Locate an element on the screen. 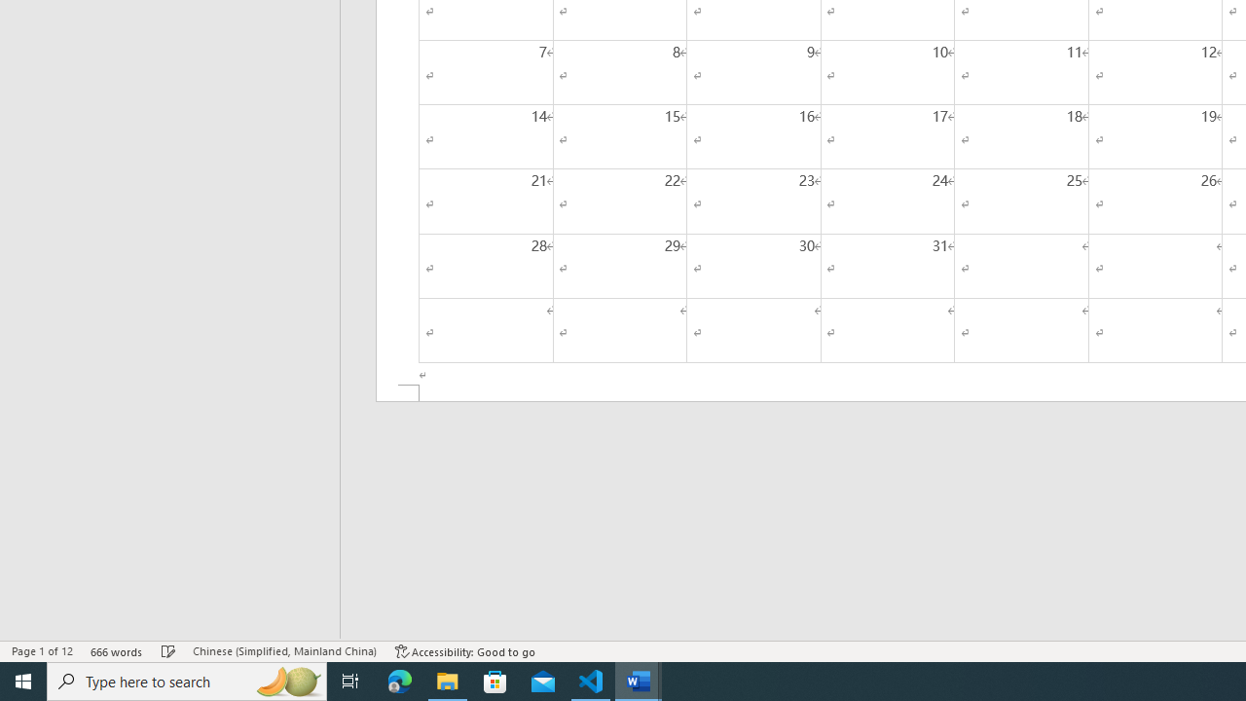  'Spelling and Grammar Check Checking' is located at coordinates (168, 651).